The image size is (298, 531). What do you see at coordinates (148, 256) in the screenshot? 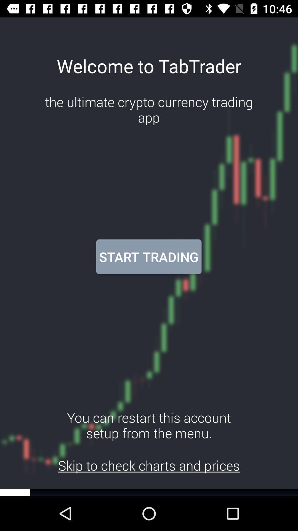
I see `start trading` at bounding box center [148, 256].